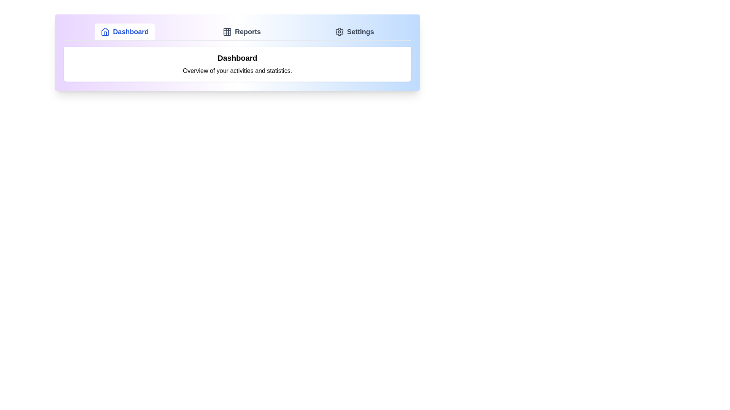 This screenshot has width=730, height=410. What do you see at coordinates (125, 32) in the screenshot?
I see `the Dashboard tab by clicking on its button` at bounding box center [125, 32].